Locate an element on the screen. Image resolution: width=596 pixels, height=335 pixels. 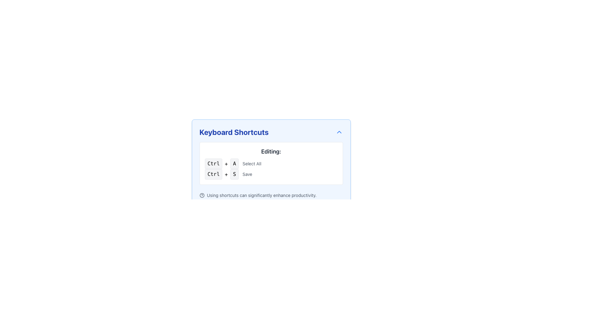
the text label containing the '+' symbol, which is positioned between the 'Ctrl' and 'A' boxed elements in the keyboard shortcut sequence is located at coordinates (226, 163).